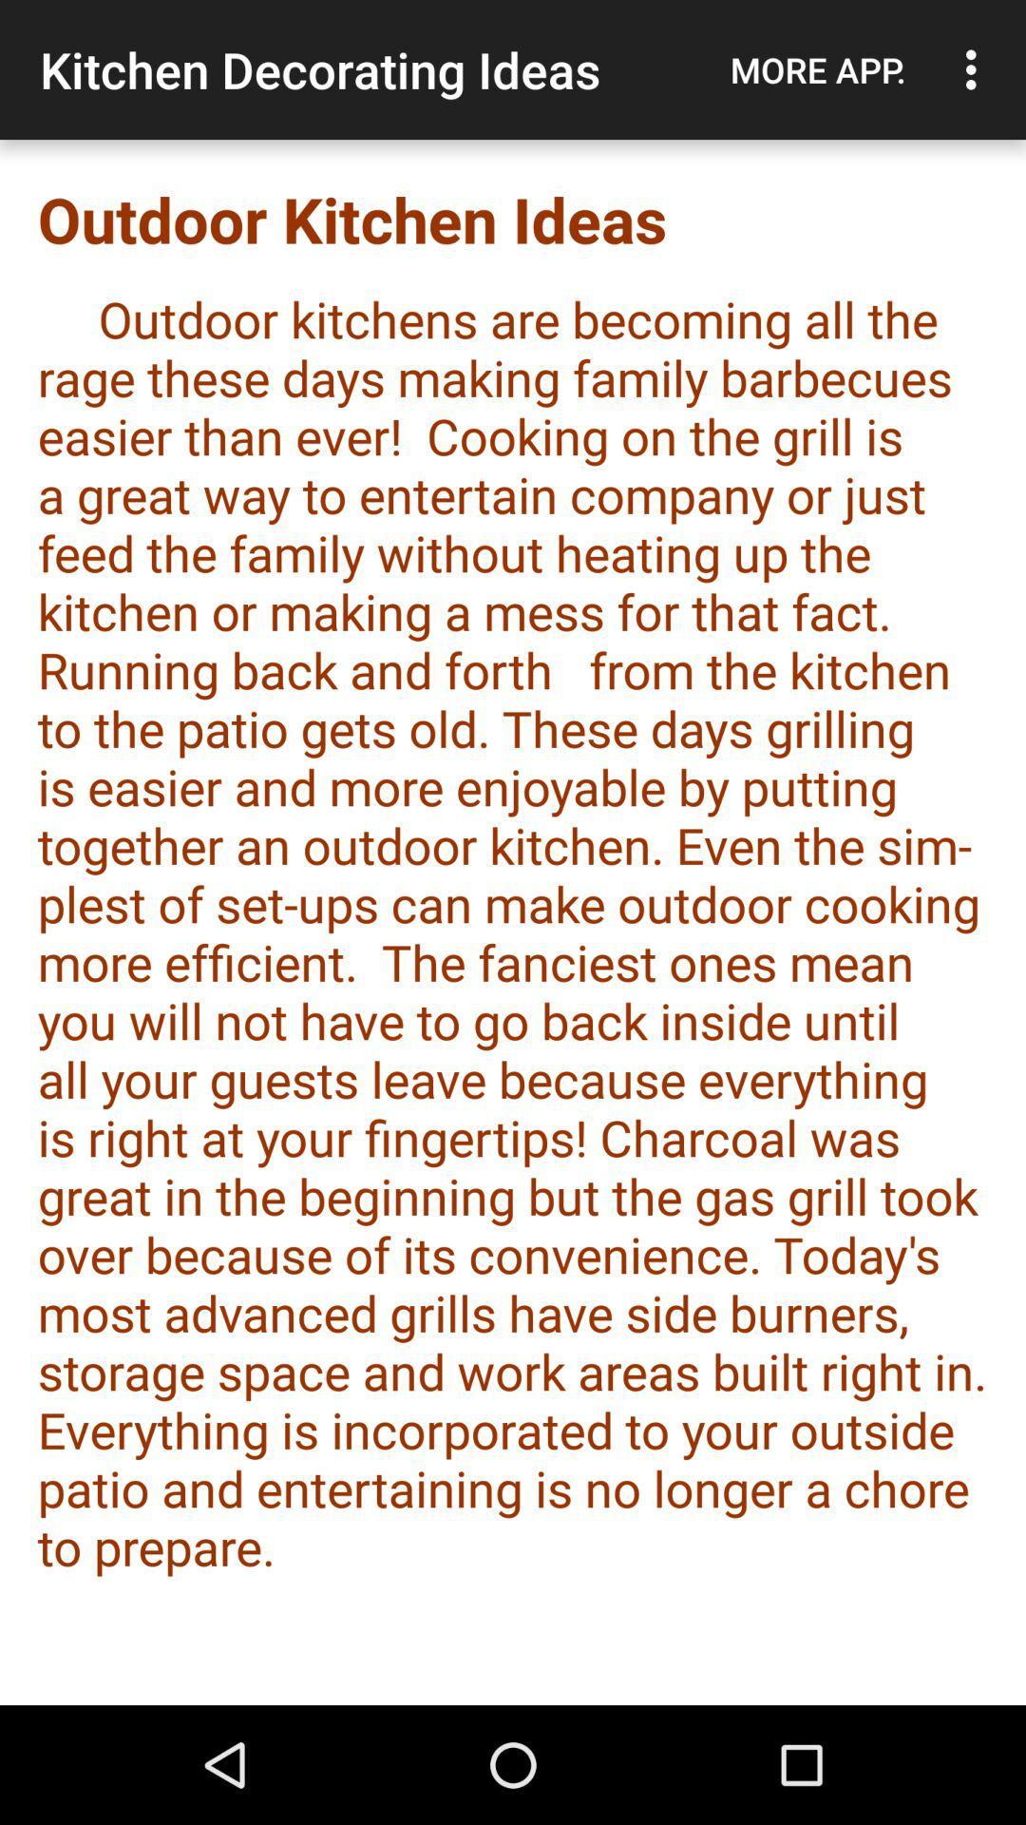 This screenshot has width=1026, height=1825. I want to click on the app above the outdoor kitchen ideas, so click(976, 69).